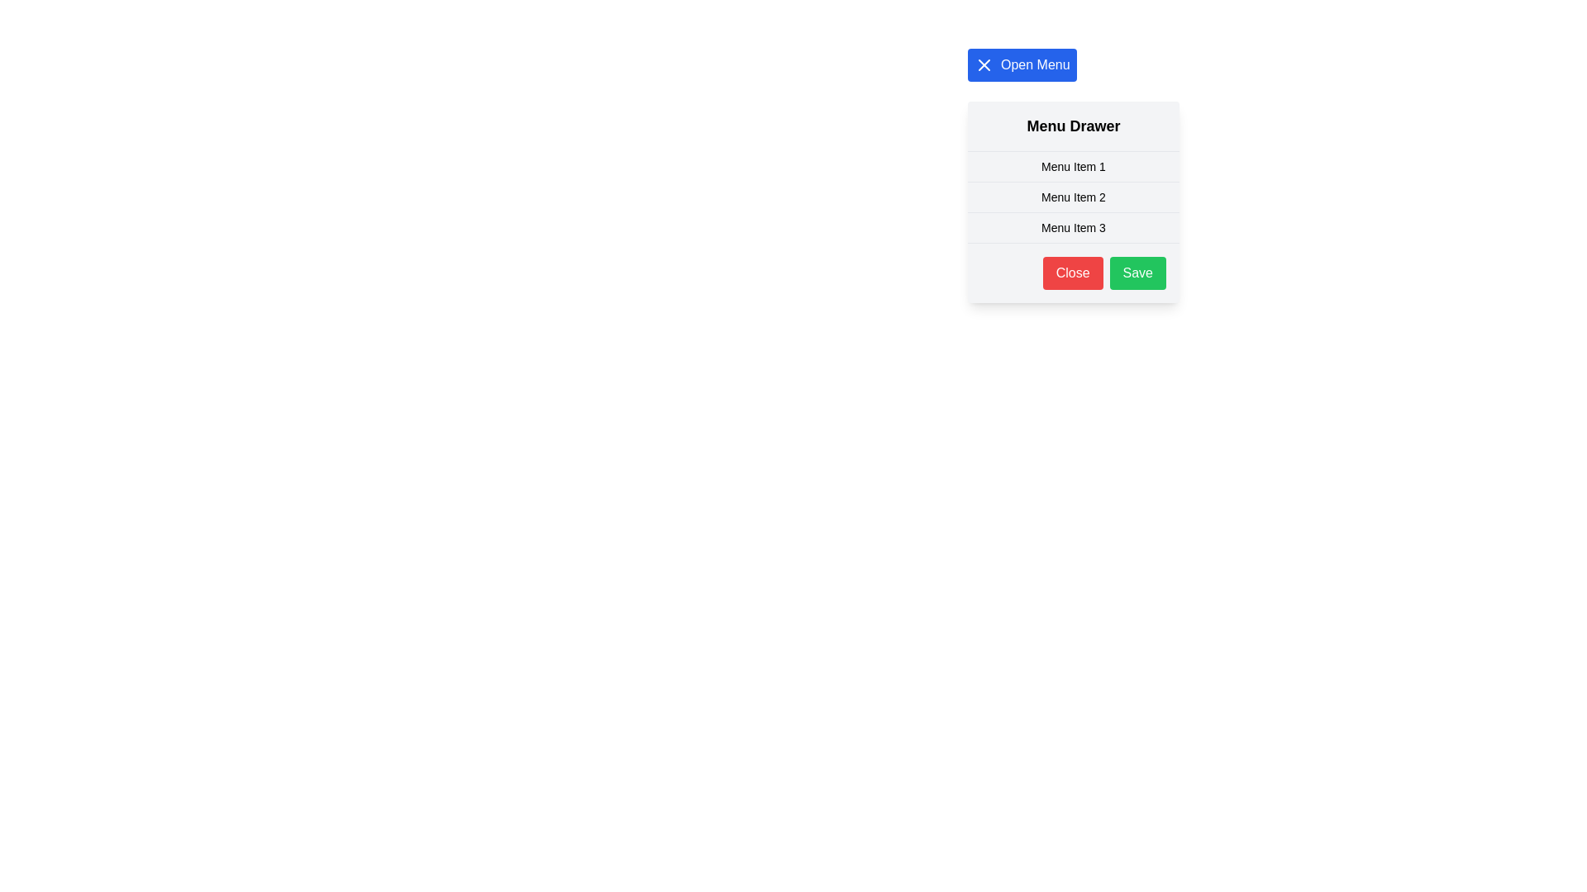 The image size is (1587, 892). Describe the element at coordinates (1074, 167) in the screenshot. I see `the topmost menu option in the 'Menu Drawer' to change its background color` at that location.